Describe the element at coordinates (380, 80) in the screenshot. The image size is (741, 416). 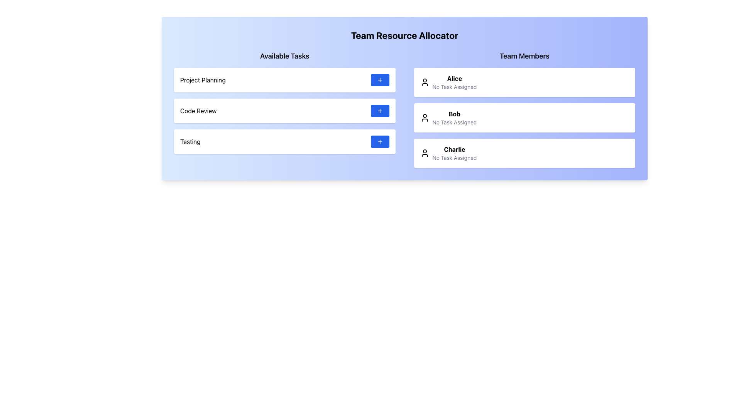
I see `the icon in the 'Available Tasks' section that is aligned to the right of the 'Project Planning' button` at that location.